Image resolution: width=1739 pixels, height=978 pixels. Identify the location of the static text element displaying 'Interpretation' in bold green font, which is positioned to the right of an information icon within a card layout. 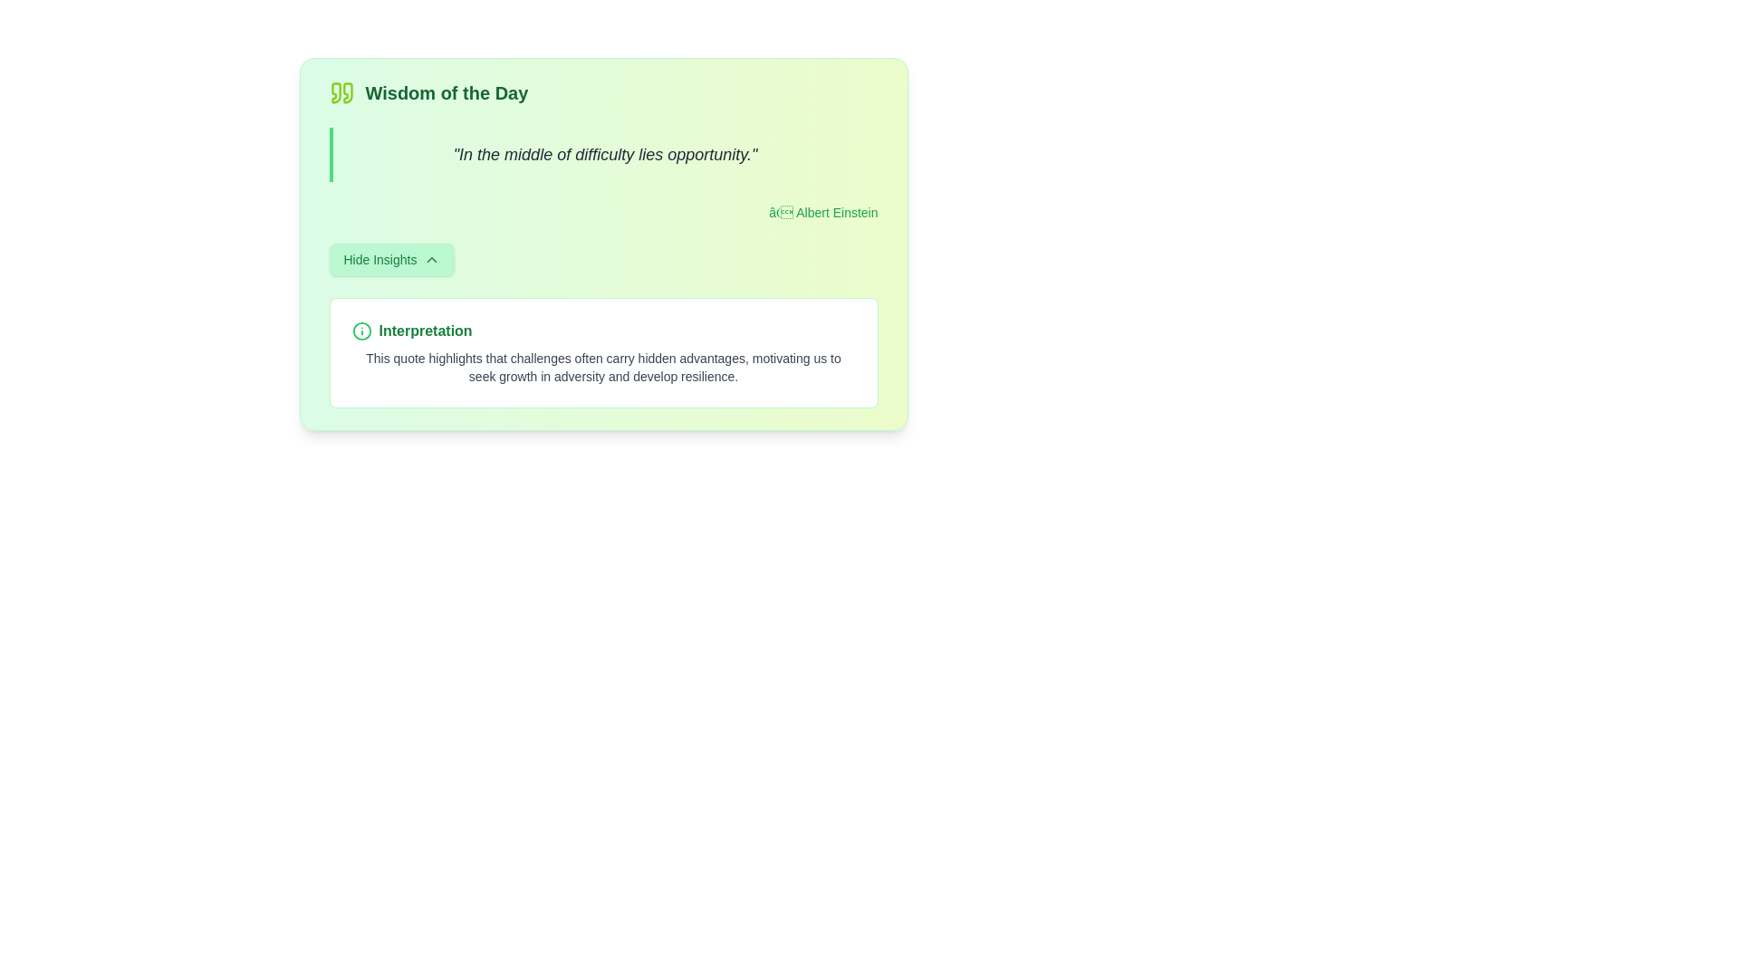
(425, 331).